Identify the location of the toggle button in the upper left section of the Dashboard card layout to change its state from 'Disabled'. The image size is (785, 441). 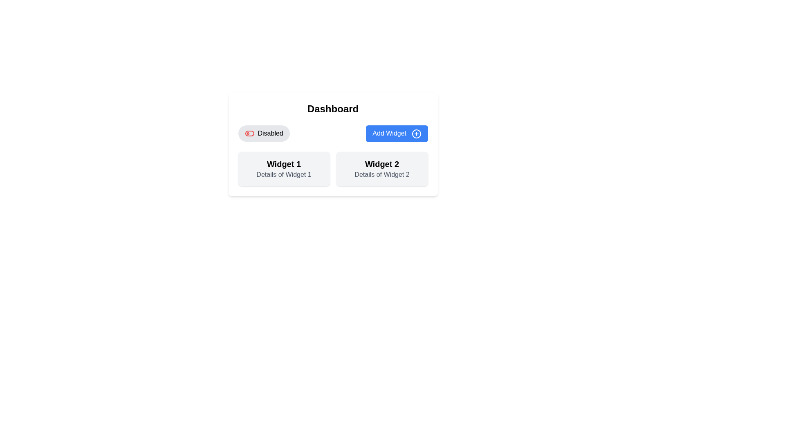
(264, 133).